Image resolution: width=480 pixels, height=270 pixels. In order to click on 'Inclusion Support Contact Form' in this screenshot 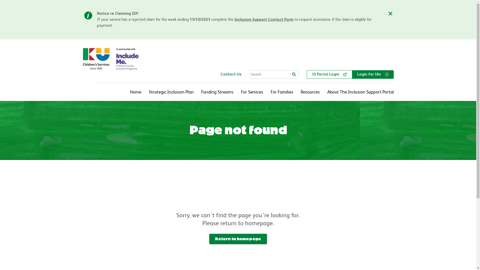, I will do `click(264, 19)`.